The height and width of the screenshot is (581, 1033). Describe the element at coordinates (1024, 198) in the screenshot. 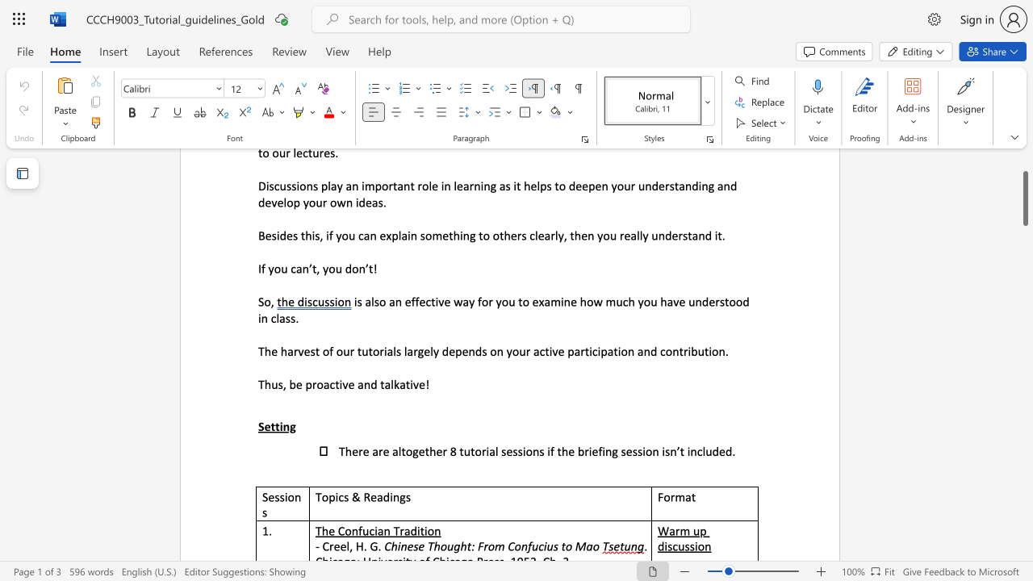

I see `the scrollbar and move down 2420 pixels` at that location.